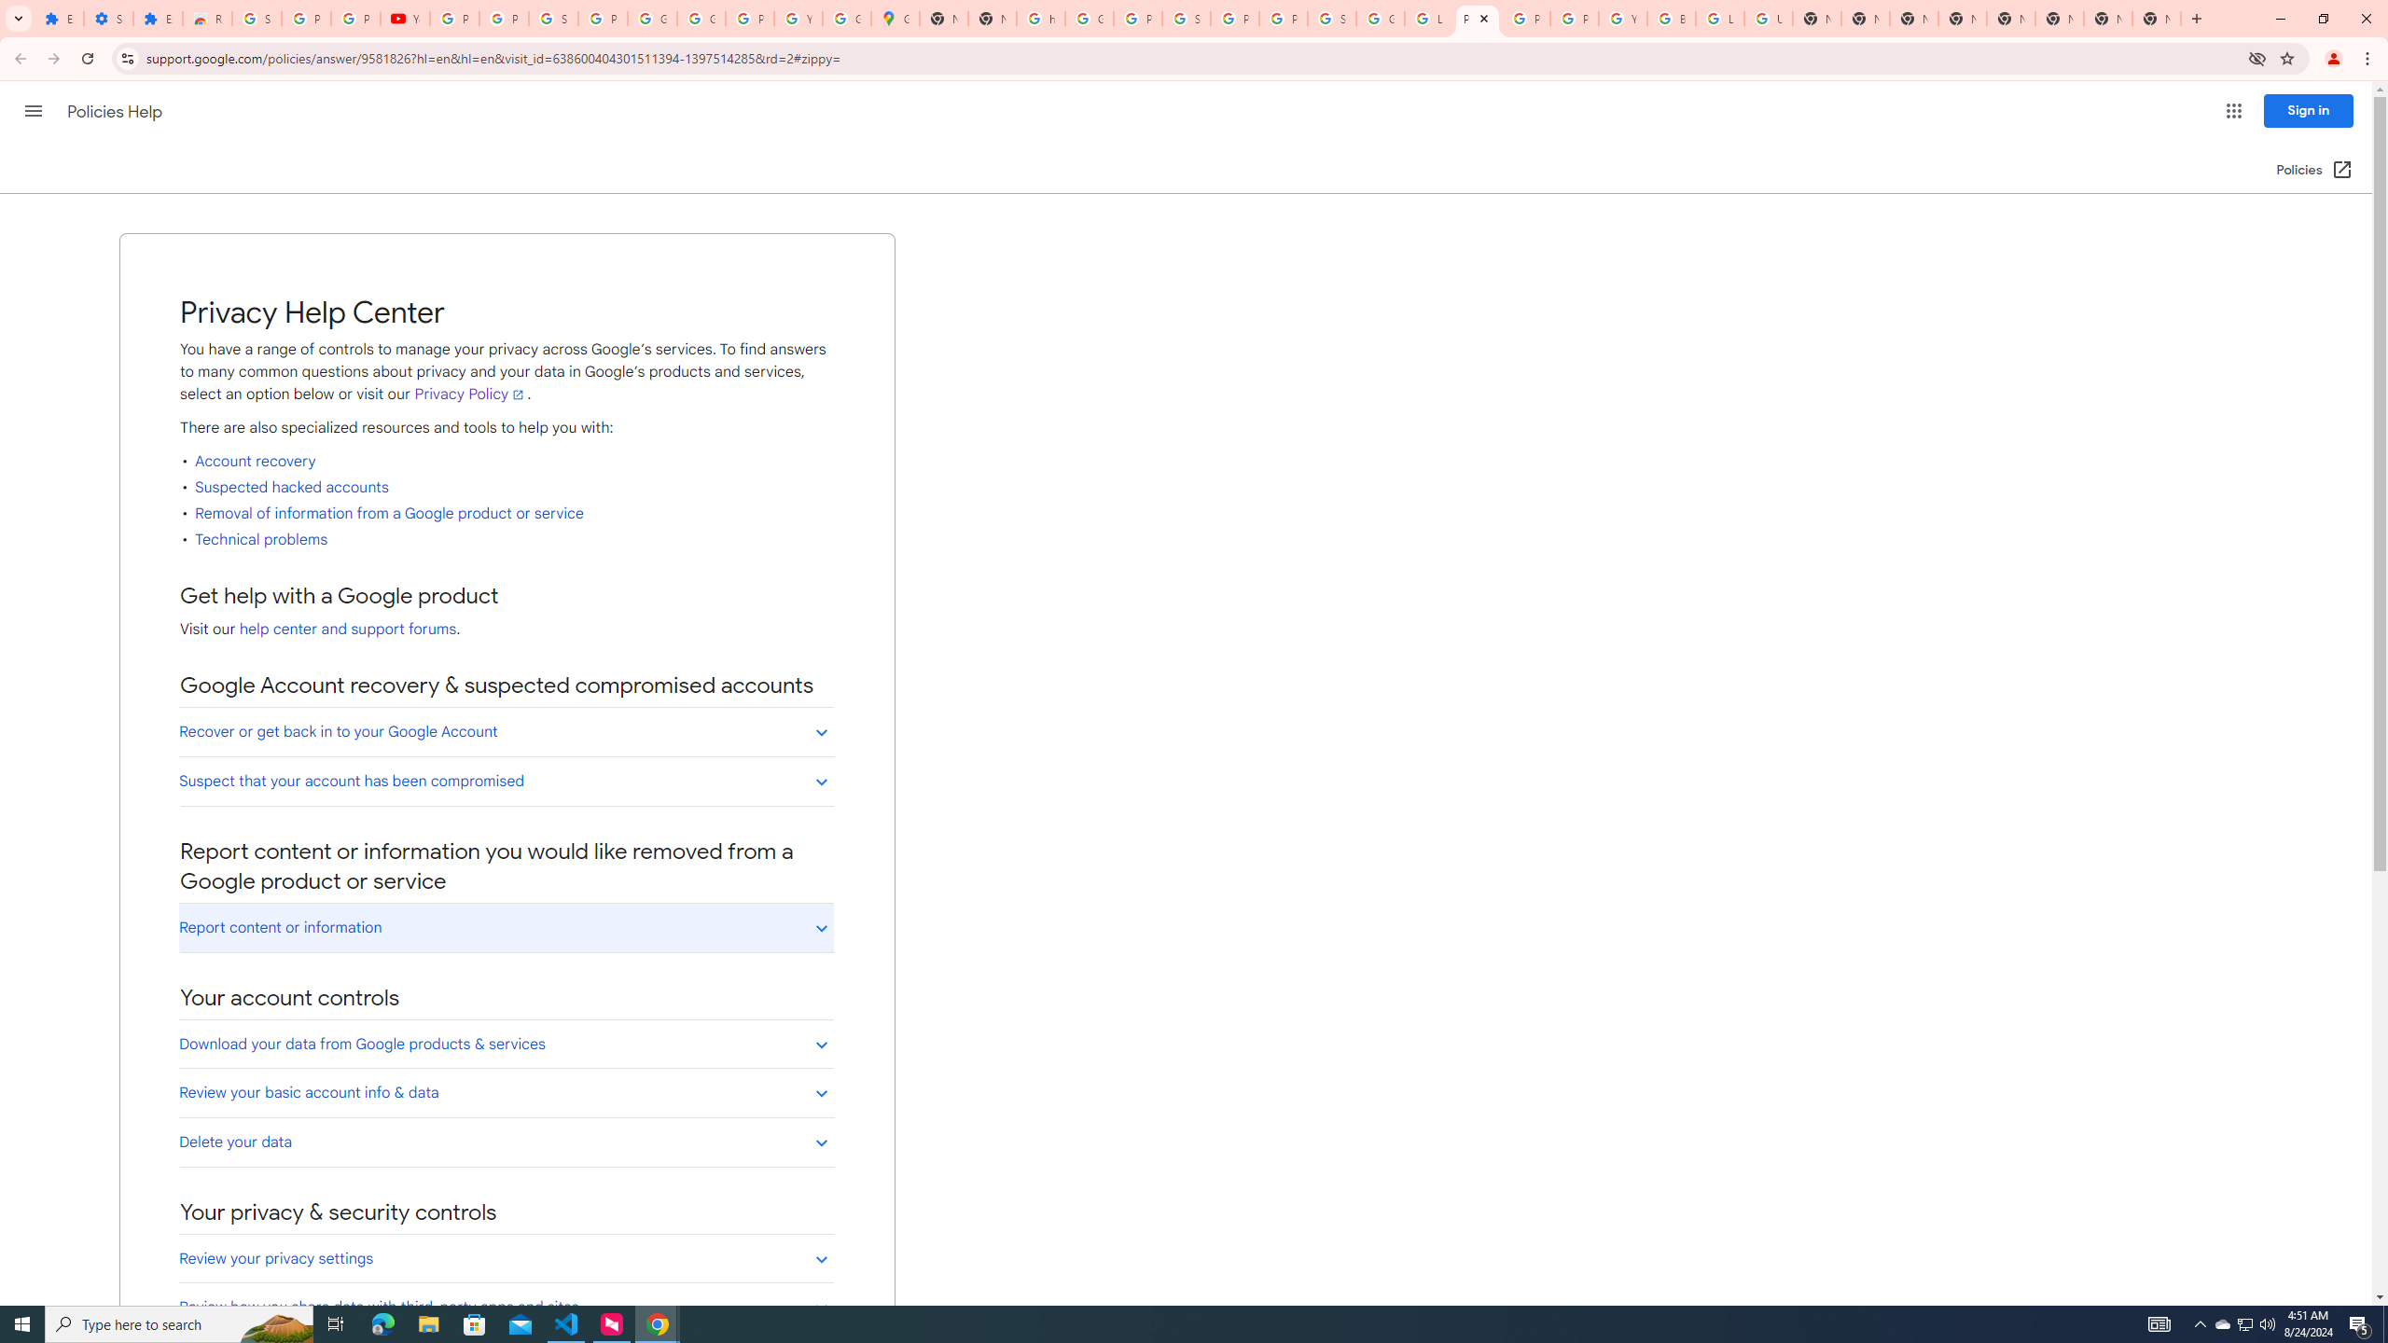 This screenshot has height=1343, width=2388. Describe the element at coordinates (506, 1141) in the screenshot. I see `'Delete your data'` at that location.